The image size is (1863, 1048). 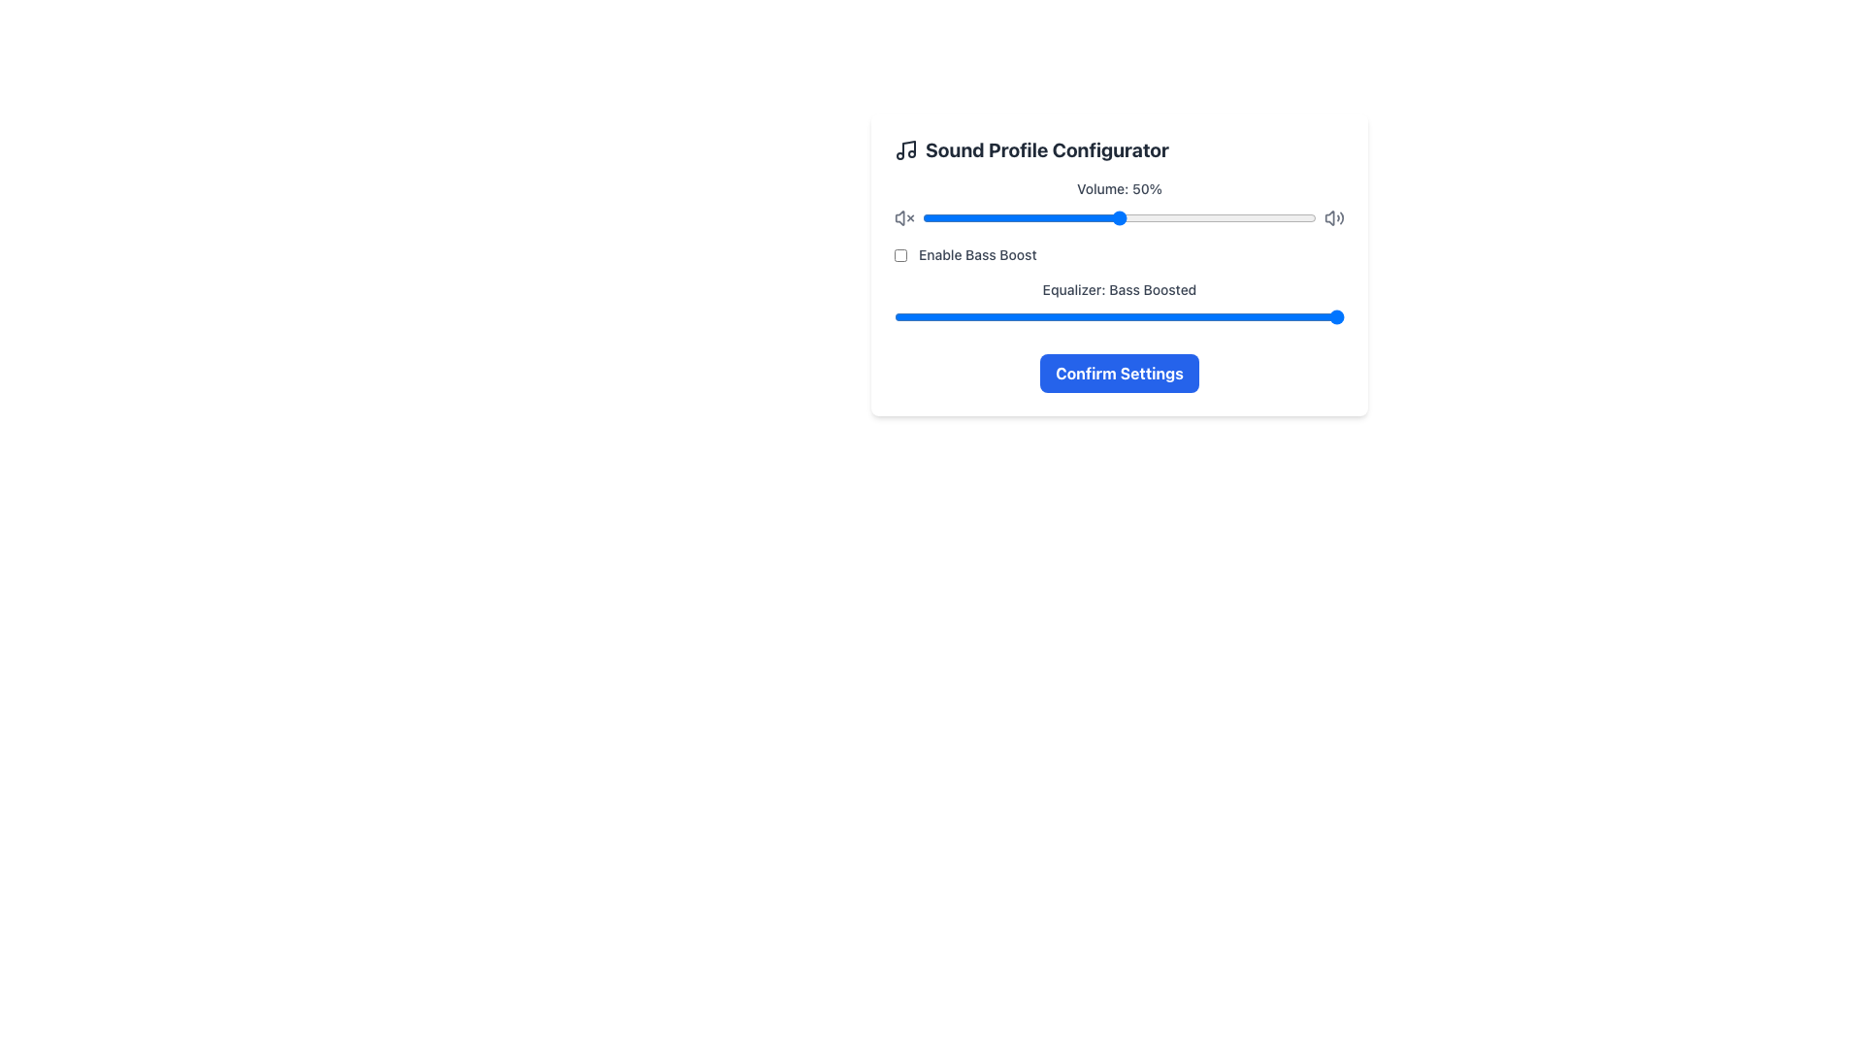 What do you see at coordinates (1205, 217) in the screenshot?
I see `volume` at bounding box center [1205, 217].